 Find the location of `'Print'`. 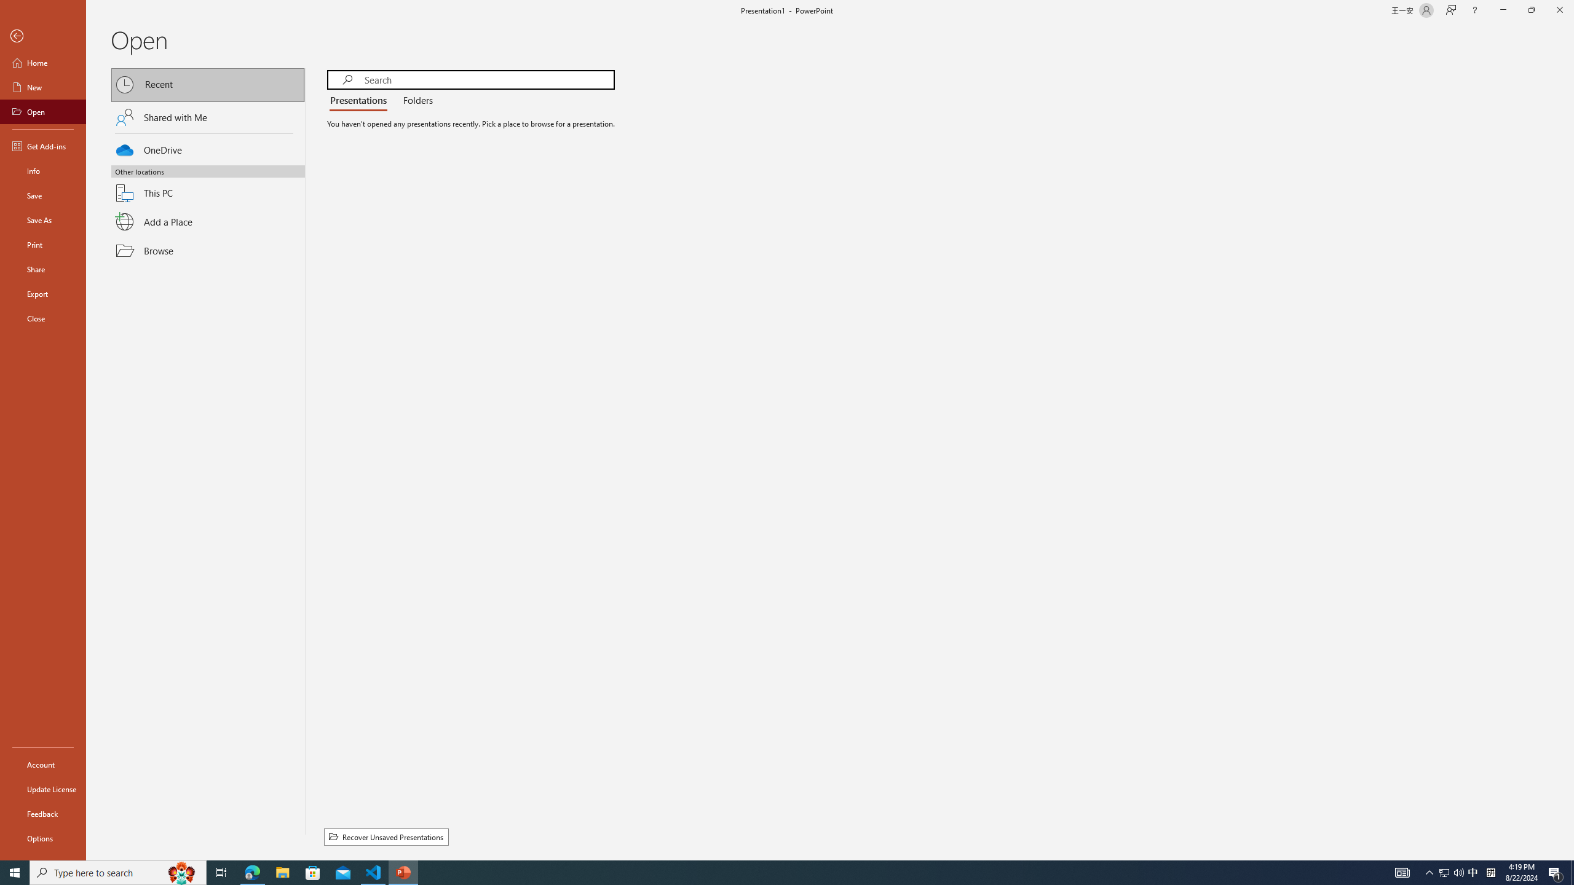

'Print' is located at coordinates (42, 244).